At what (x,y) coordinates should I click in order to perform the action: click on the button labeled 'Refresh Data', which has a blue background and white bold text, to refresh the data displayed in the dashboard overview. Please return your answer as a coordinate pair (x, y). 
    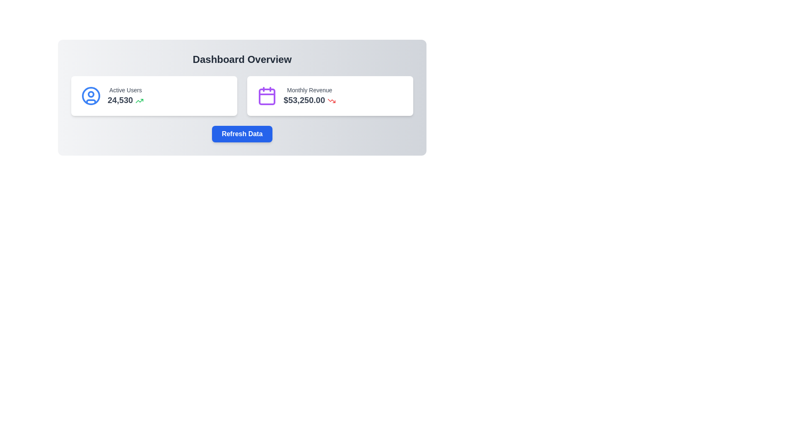
    Looking at the image, I should click on (242, 134).